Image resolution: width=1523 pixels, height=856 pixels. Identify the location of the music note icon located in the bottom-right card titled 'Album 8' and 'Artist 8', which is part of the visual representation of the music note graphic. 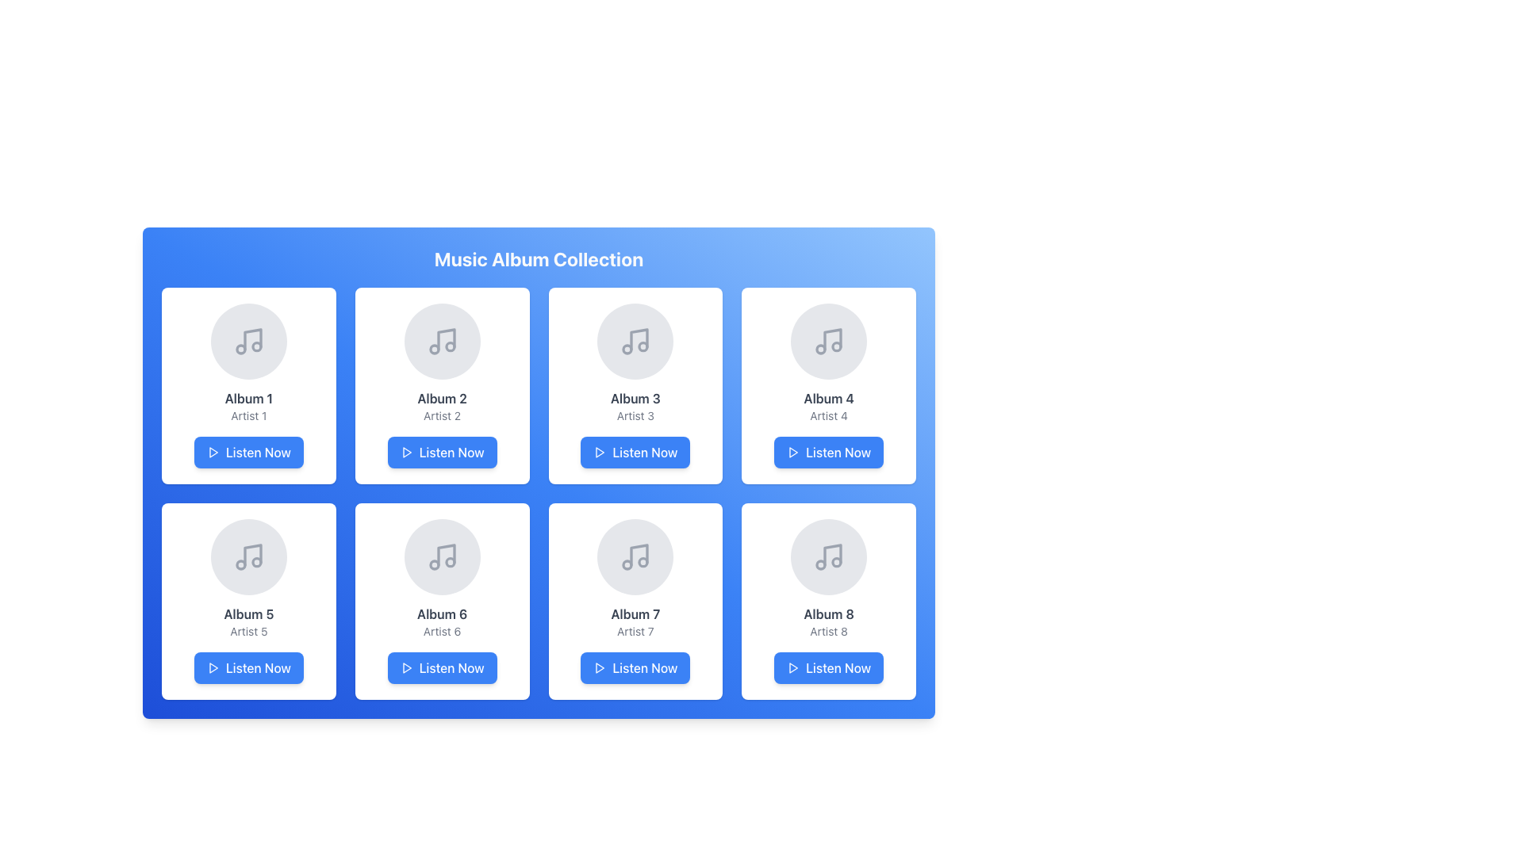
(821, 564).